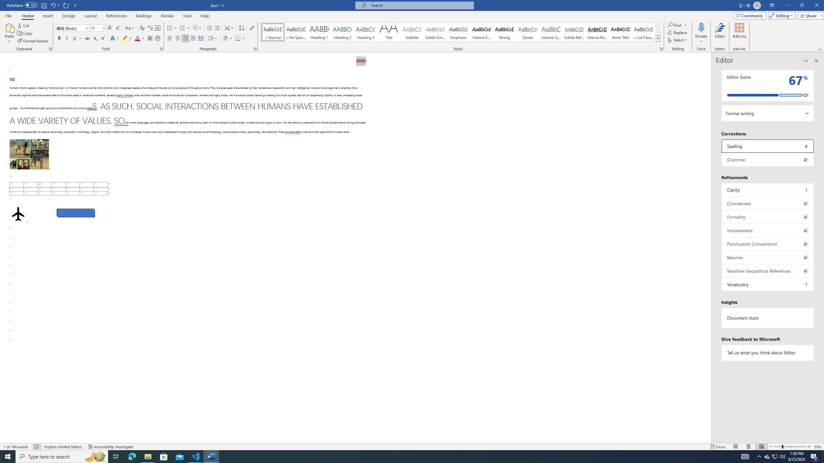  I want to click on 'Spelling, 4 issues. Press space or enter to review items.', so click(767, 146).